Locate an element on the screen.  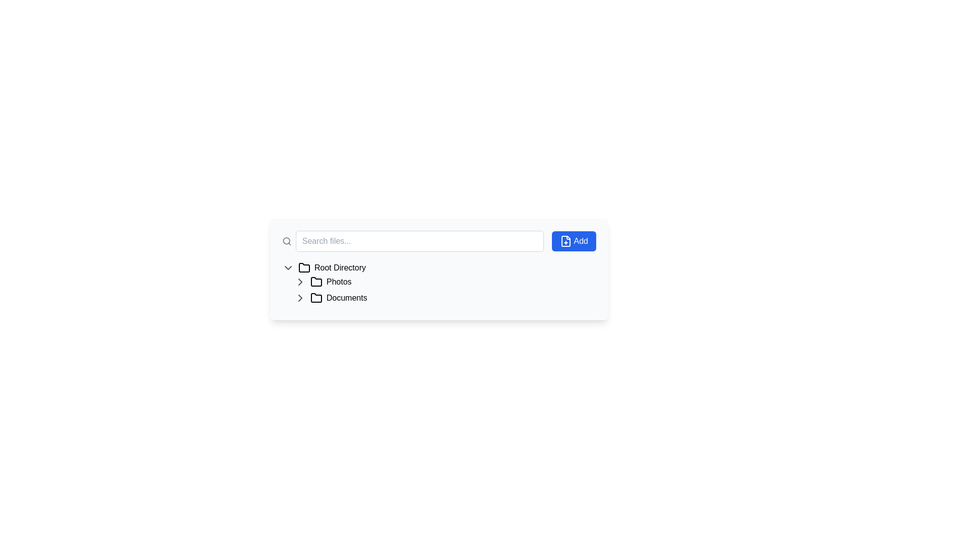
the minimalist black folder icon located to the left of the 'Photos' label is located at coordinates (315, 282).